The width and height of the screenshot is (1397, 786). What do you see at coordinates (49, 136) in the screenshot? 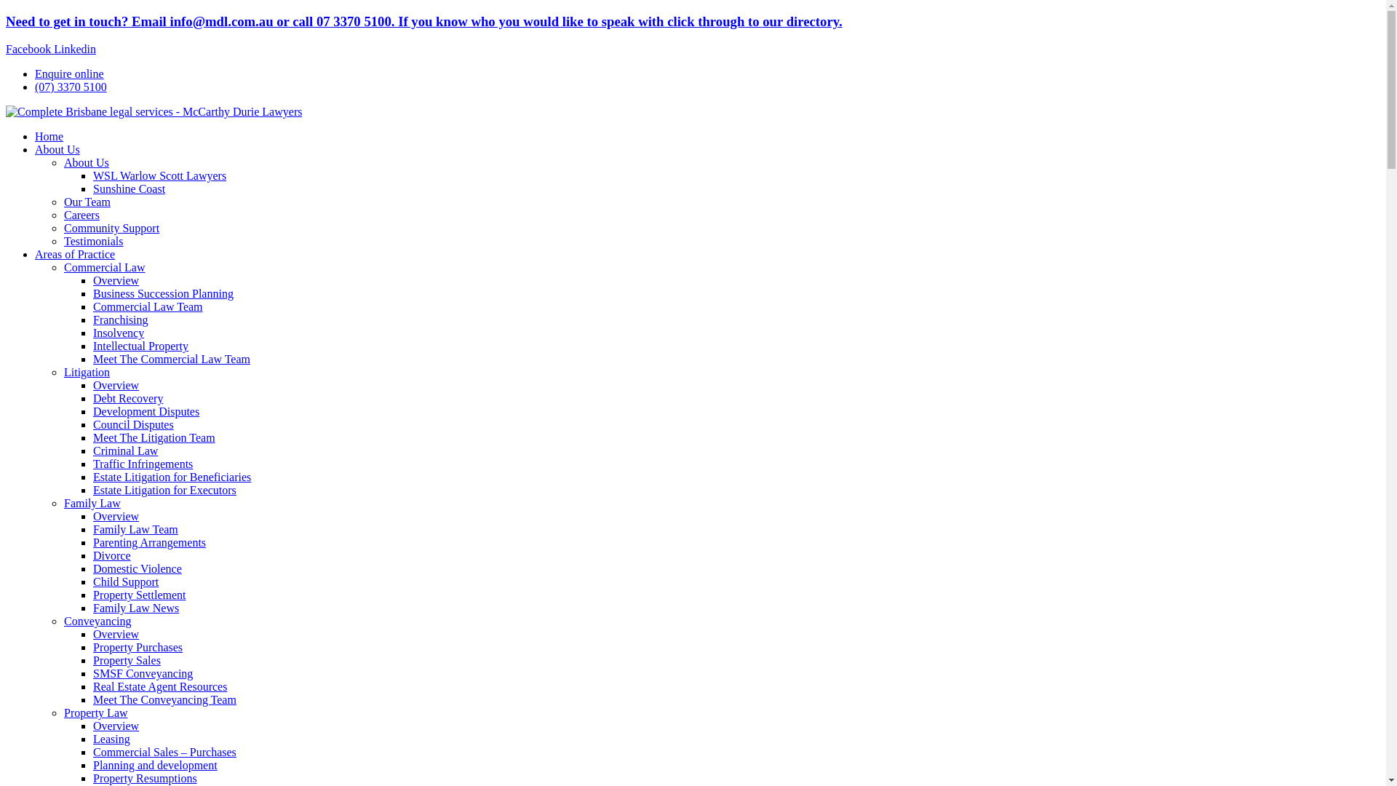
I see `'Home'` at bounding box center [49, 136].